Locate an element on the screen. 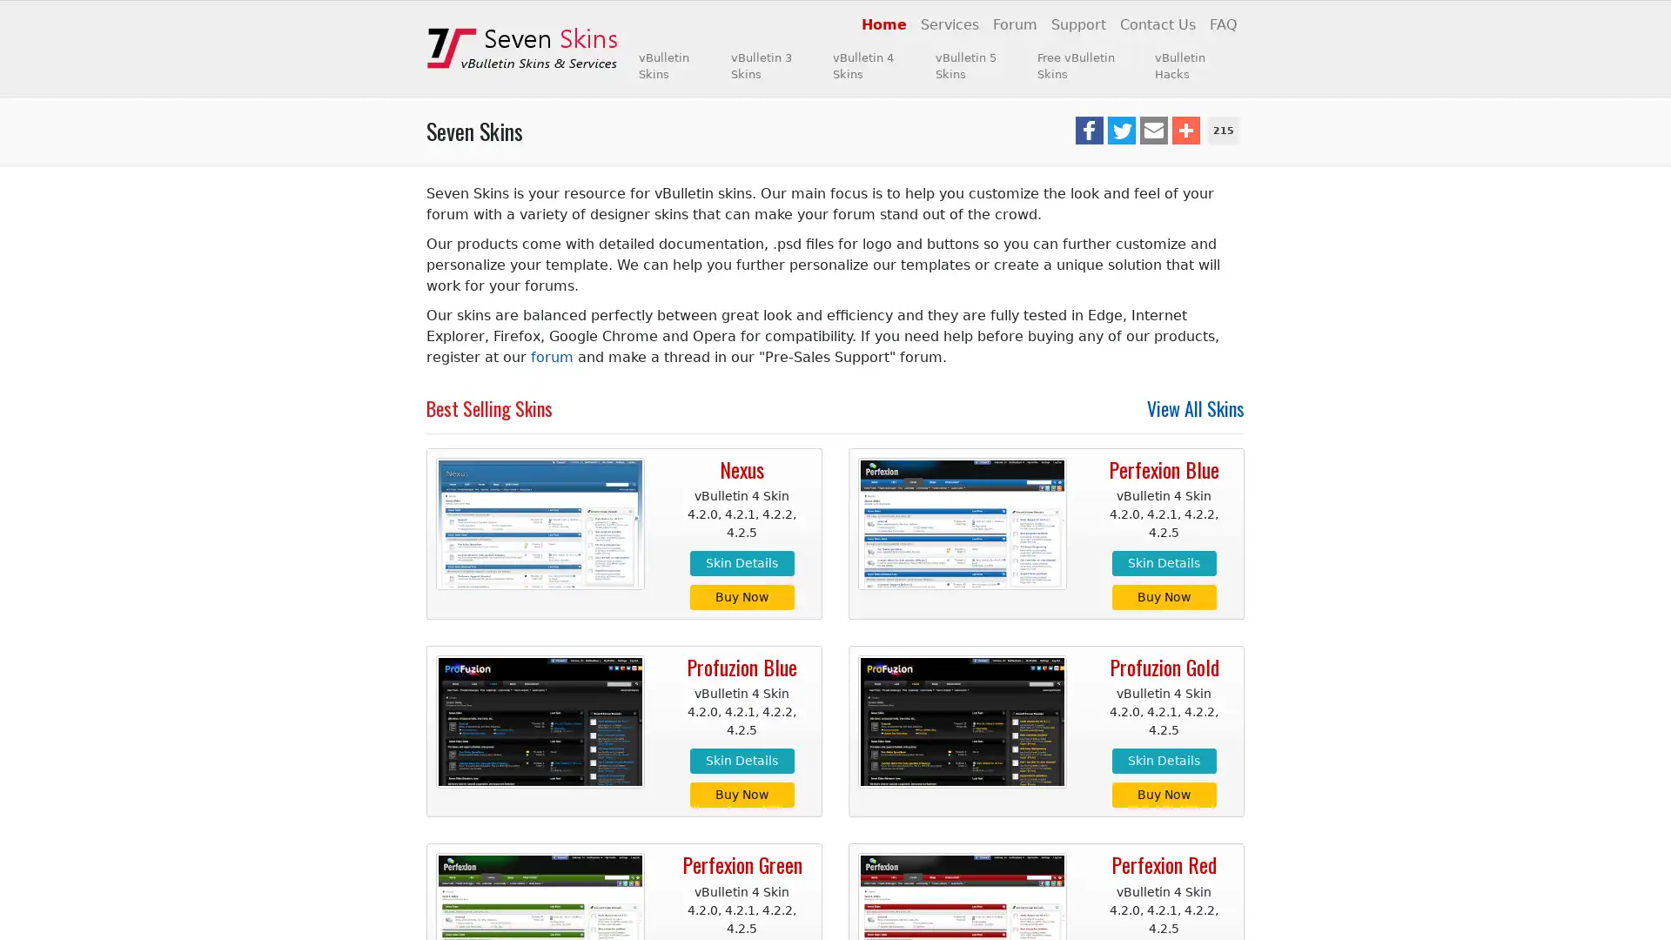 This screenshot has width=1671, height=940. Share to Email is located at coordinates (1152, 130).